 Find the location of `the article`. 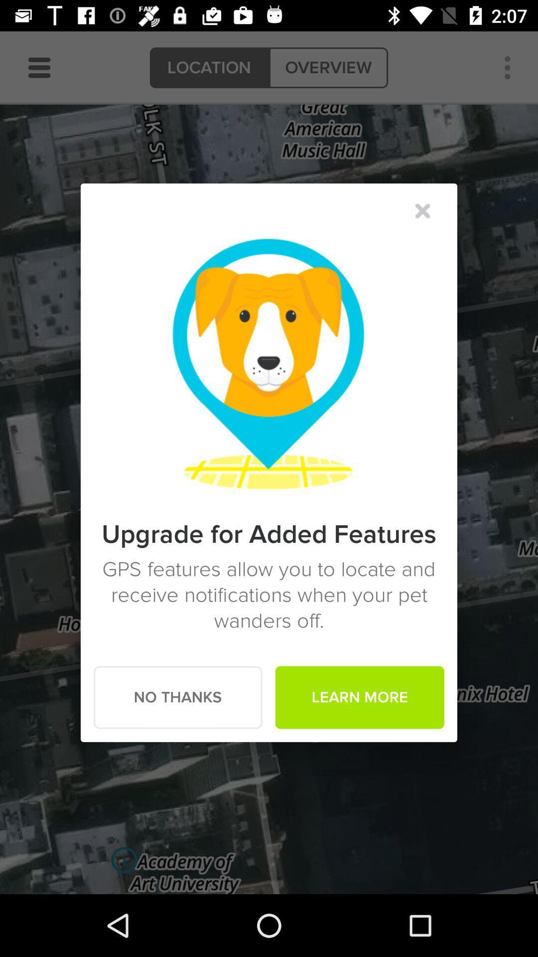

the article is located at coordinates (422, 210).